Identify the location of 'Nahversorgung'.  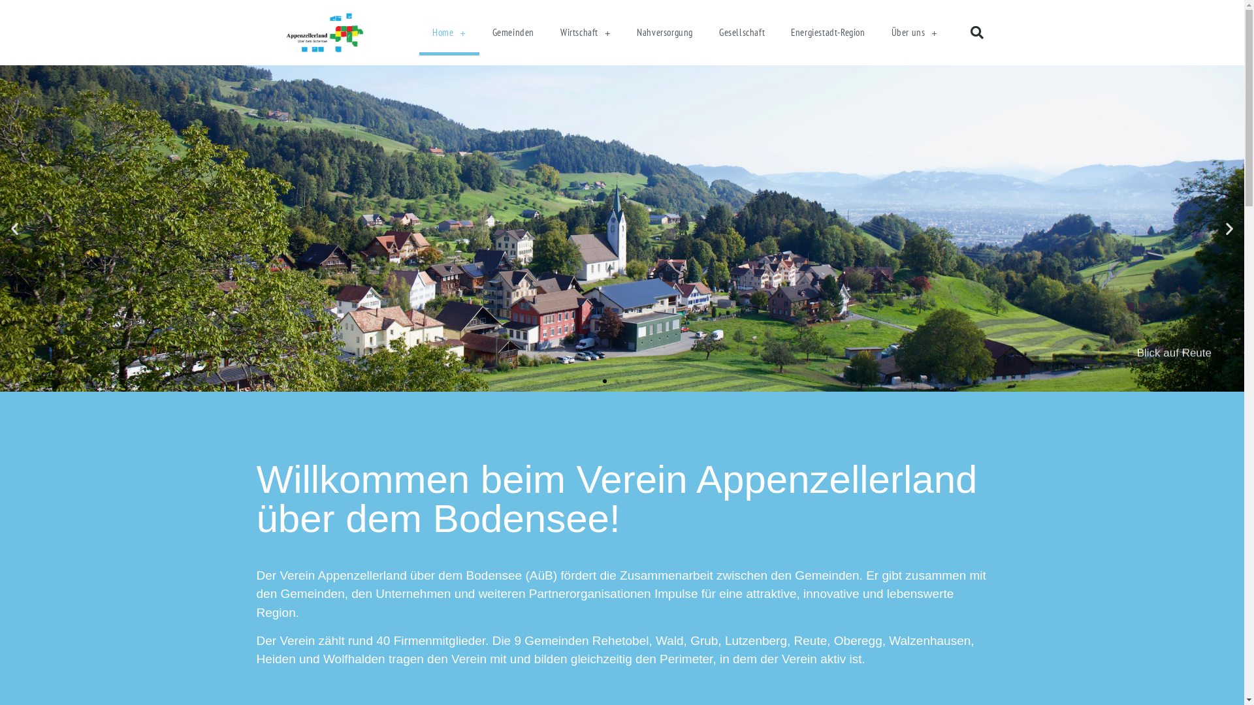
(664, 32).